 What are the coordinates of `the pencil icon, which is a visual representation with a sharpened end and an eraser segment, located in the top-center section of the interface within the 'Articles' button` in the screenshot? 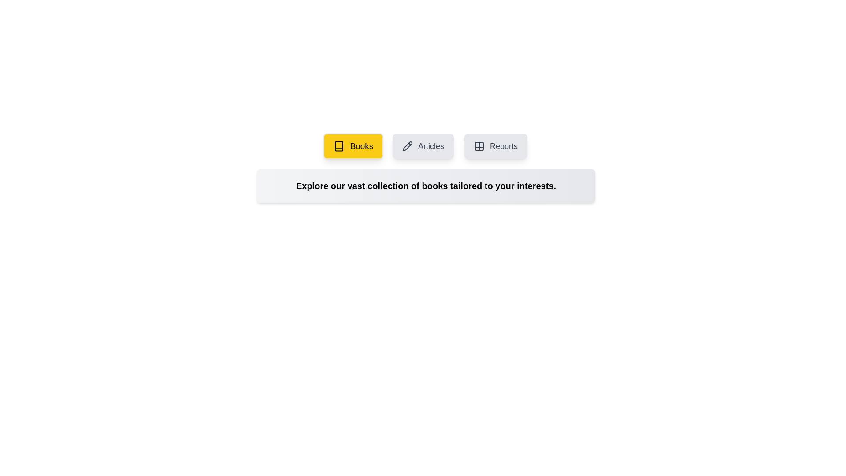 It's located at (407, 145).